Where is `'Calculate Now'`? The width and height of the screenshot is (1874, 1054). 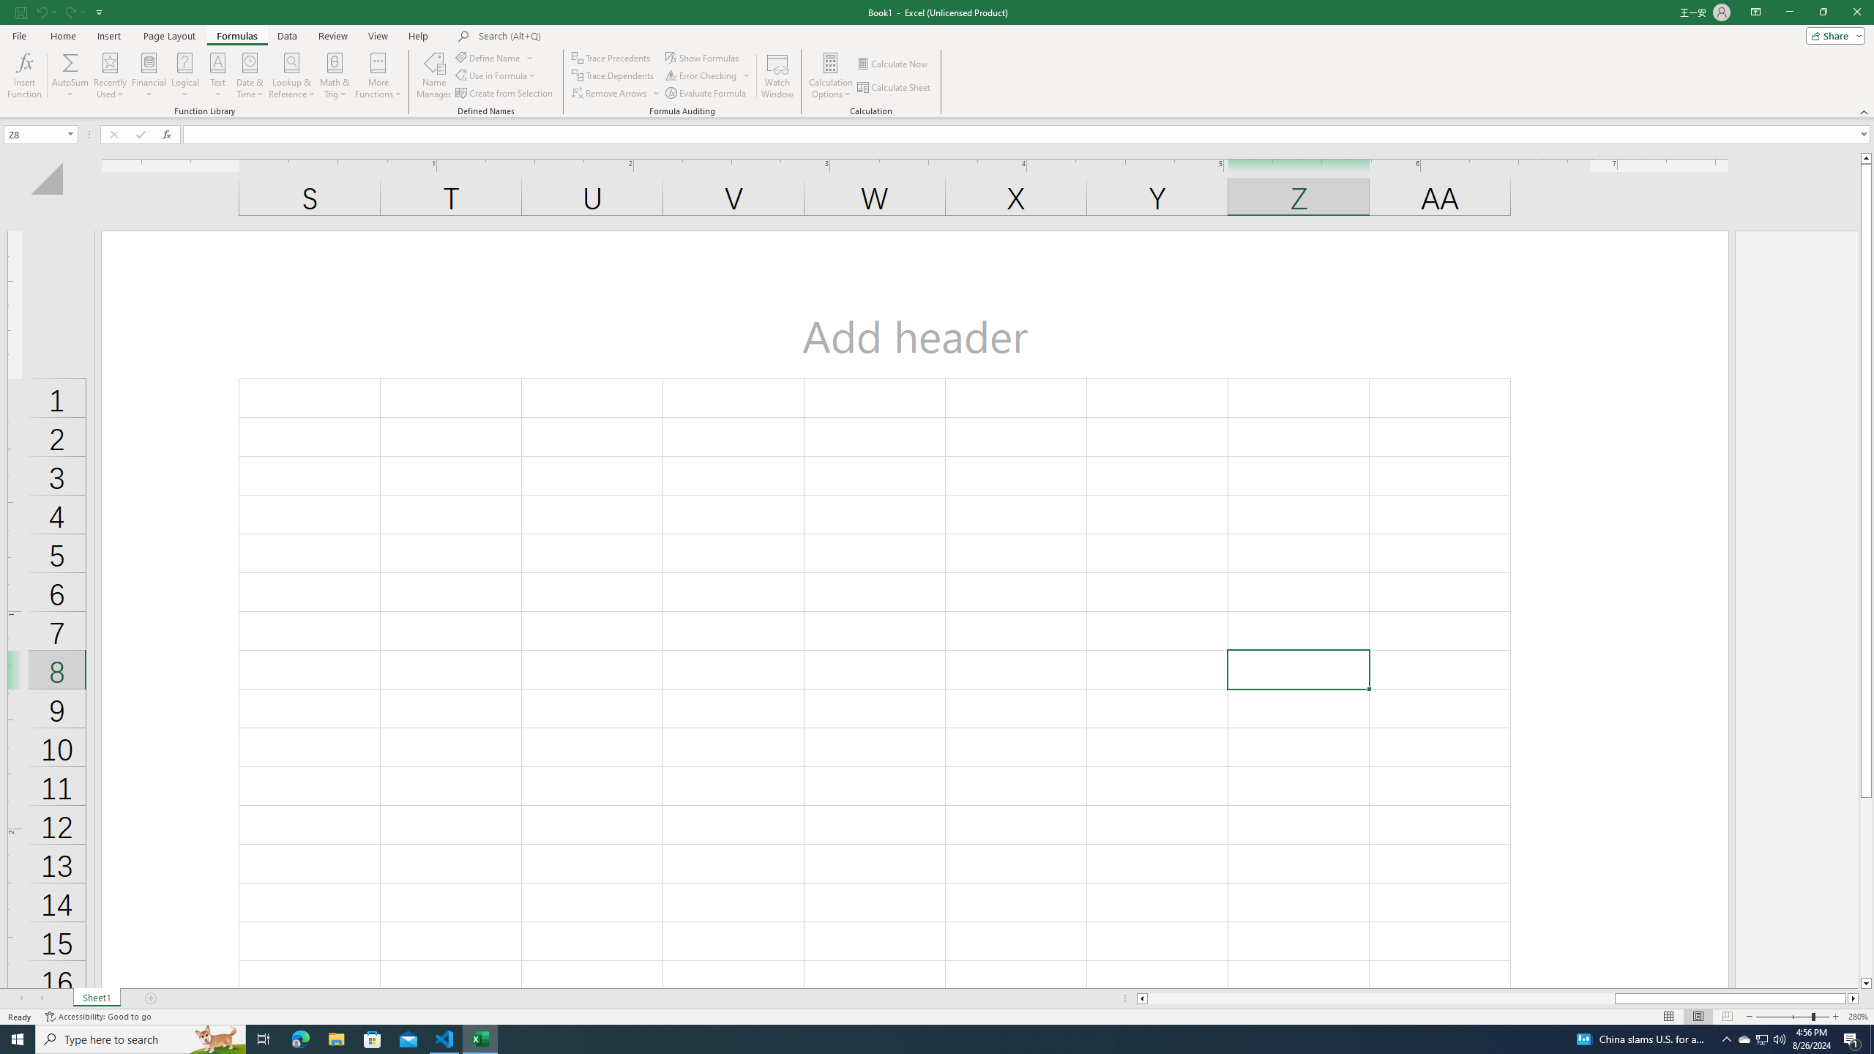
'Calculate Now' is located at coordinates (893, 64).